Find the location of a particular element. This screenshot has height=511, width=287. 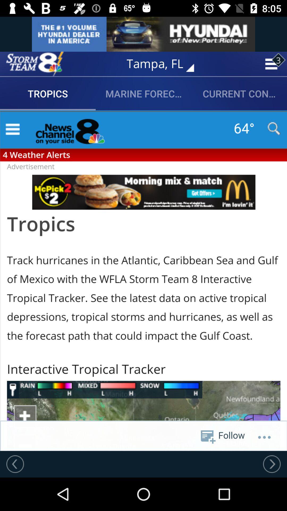

go back is located at coordinates (15, 464).